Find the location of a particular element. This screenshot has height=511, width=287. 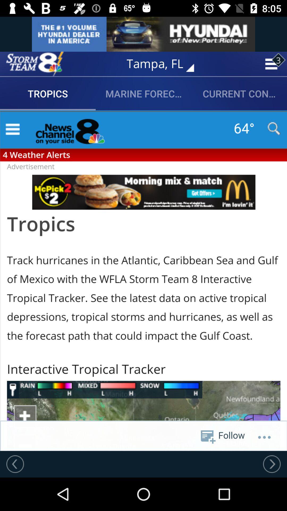

go back is located at coordinates (15, 464).